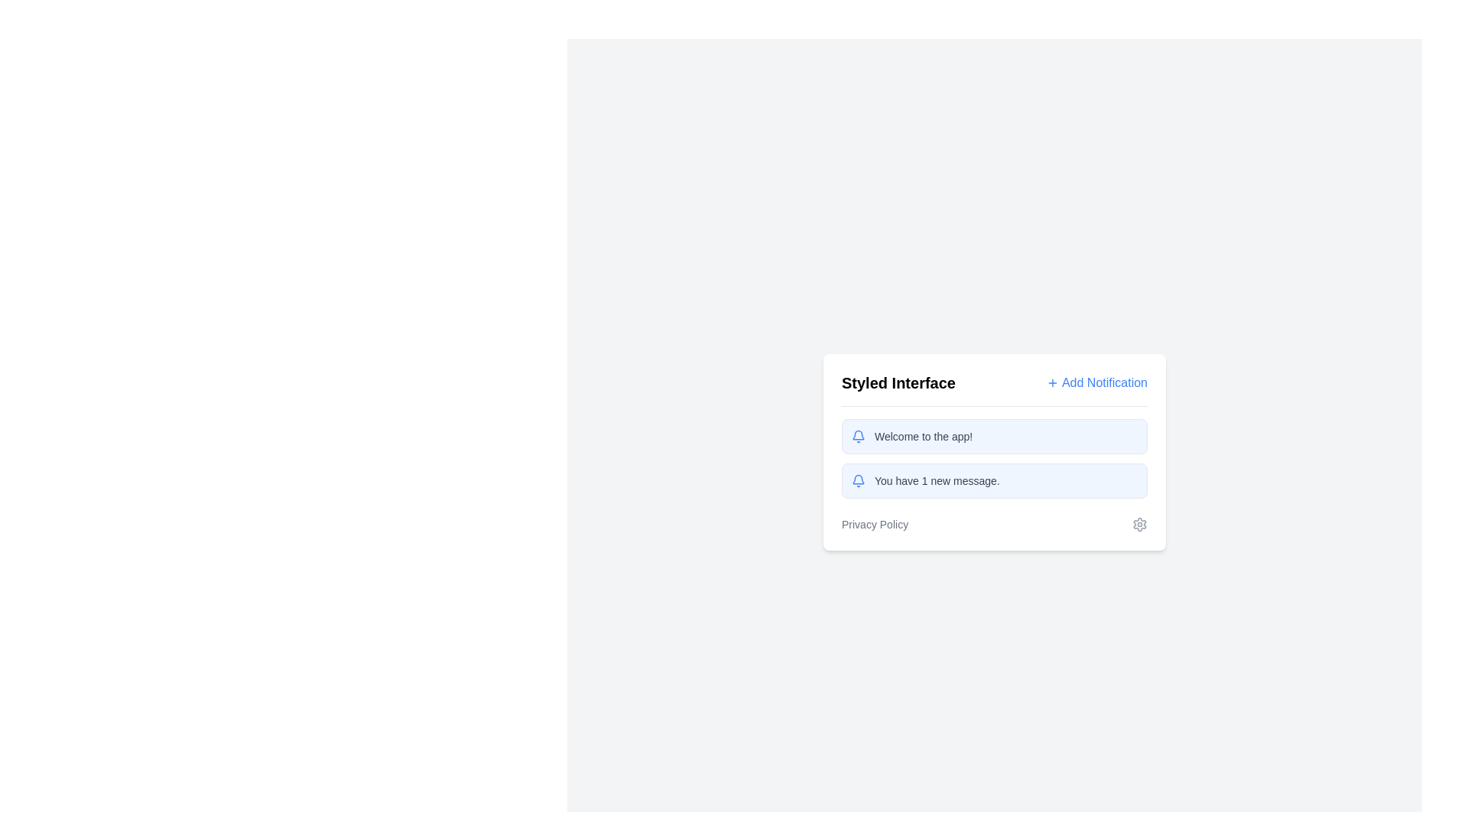 The image size is (1468, 826). What do you see at coordinates (1140, 523) in the screenshot?
I see `the configuration/settings icon located at the bottom-right of the card layout` at bounding box center [1140, 523].